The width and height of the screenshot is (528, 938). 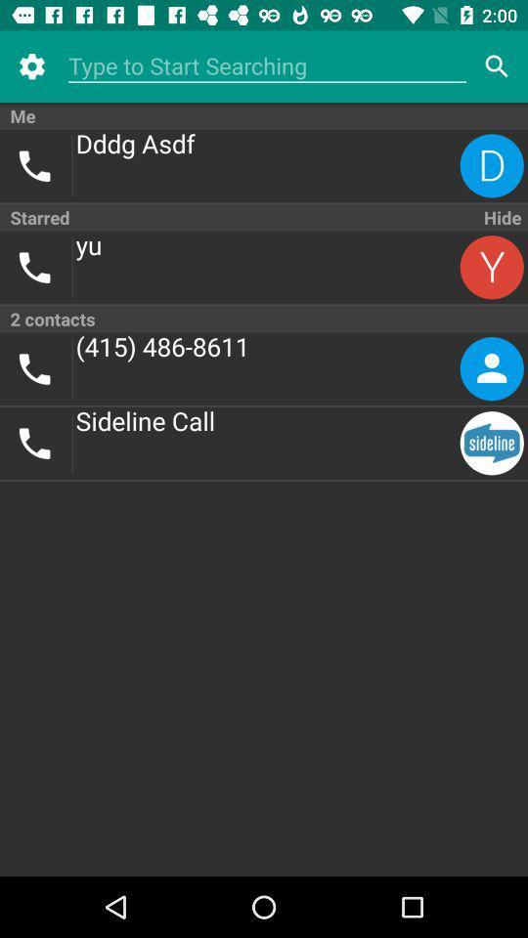 What do you see at coordinates (501, 217) in the screenshot?
I see `the icon next to the starred icon` at bounding box center [501, 217].